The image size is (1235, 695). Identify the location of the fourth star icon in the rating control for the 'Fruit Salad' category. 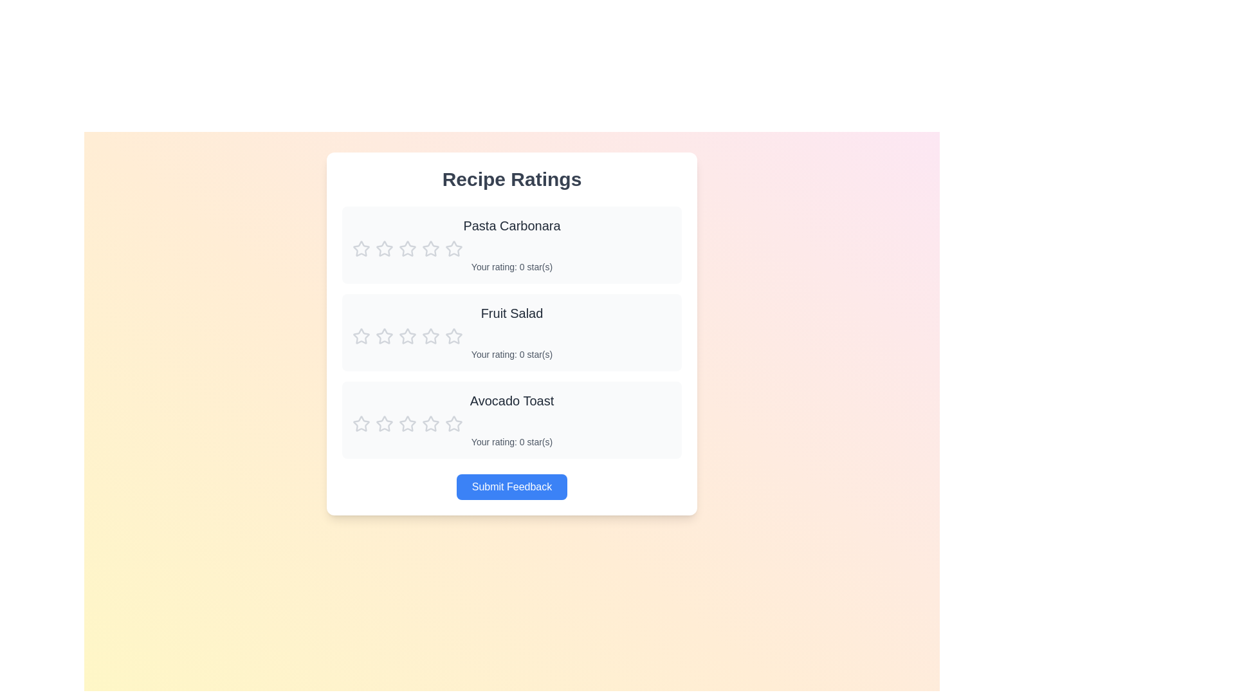
(453, 335).